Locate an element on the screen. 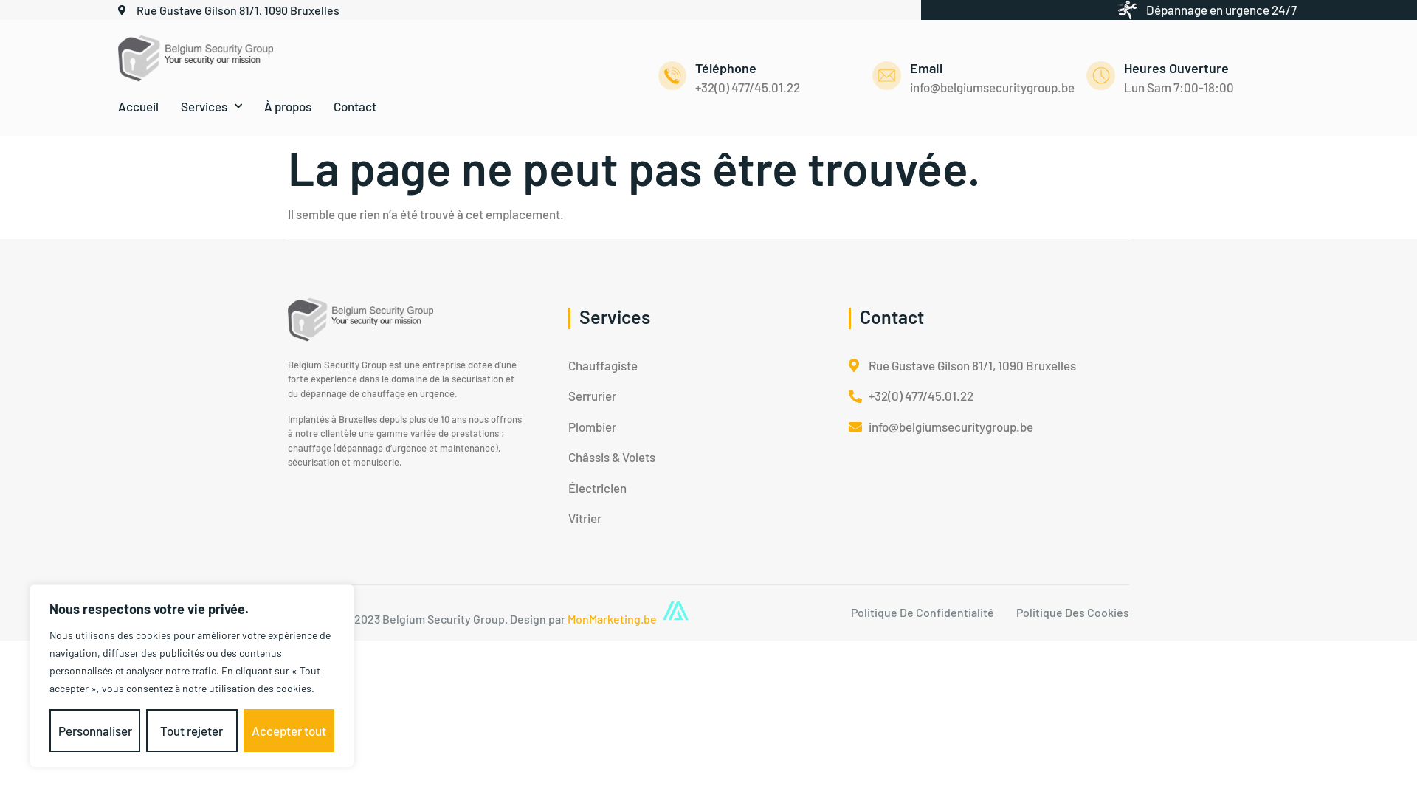 Image resolution: width=1417 pixels, height=797 pixels. 'Rue Gustave Gilson 81/1, 1090 Bruxelles' is located at coordinates (228, 10).